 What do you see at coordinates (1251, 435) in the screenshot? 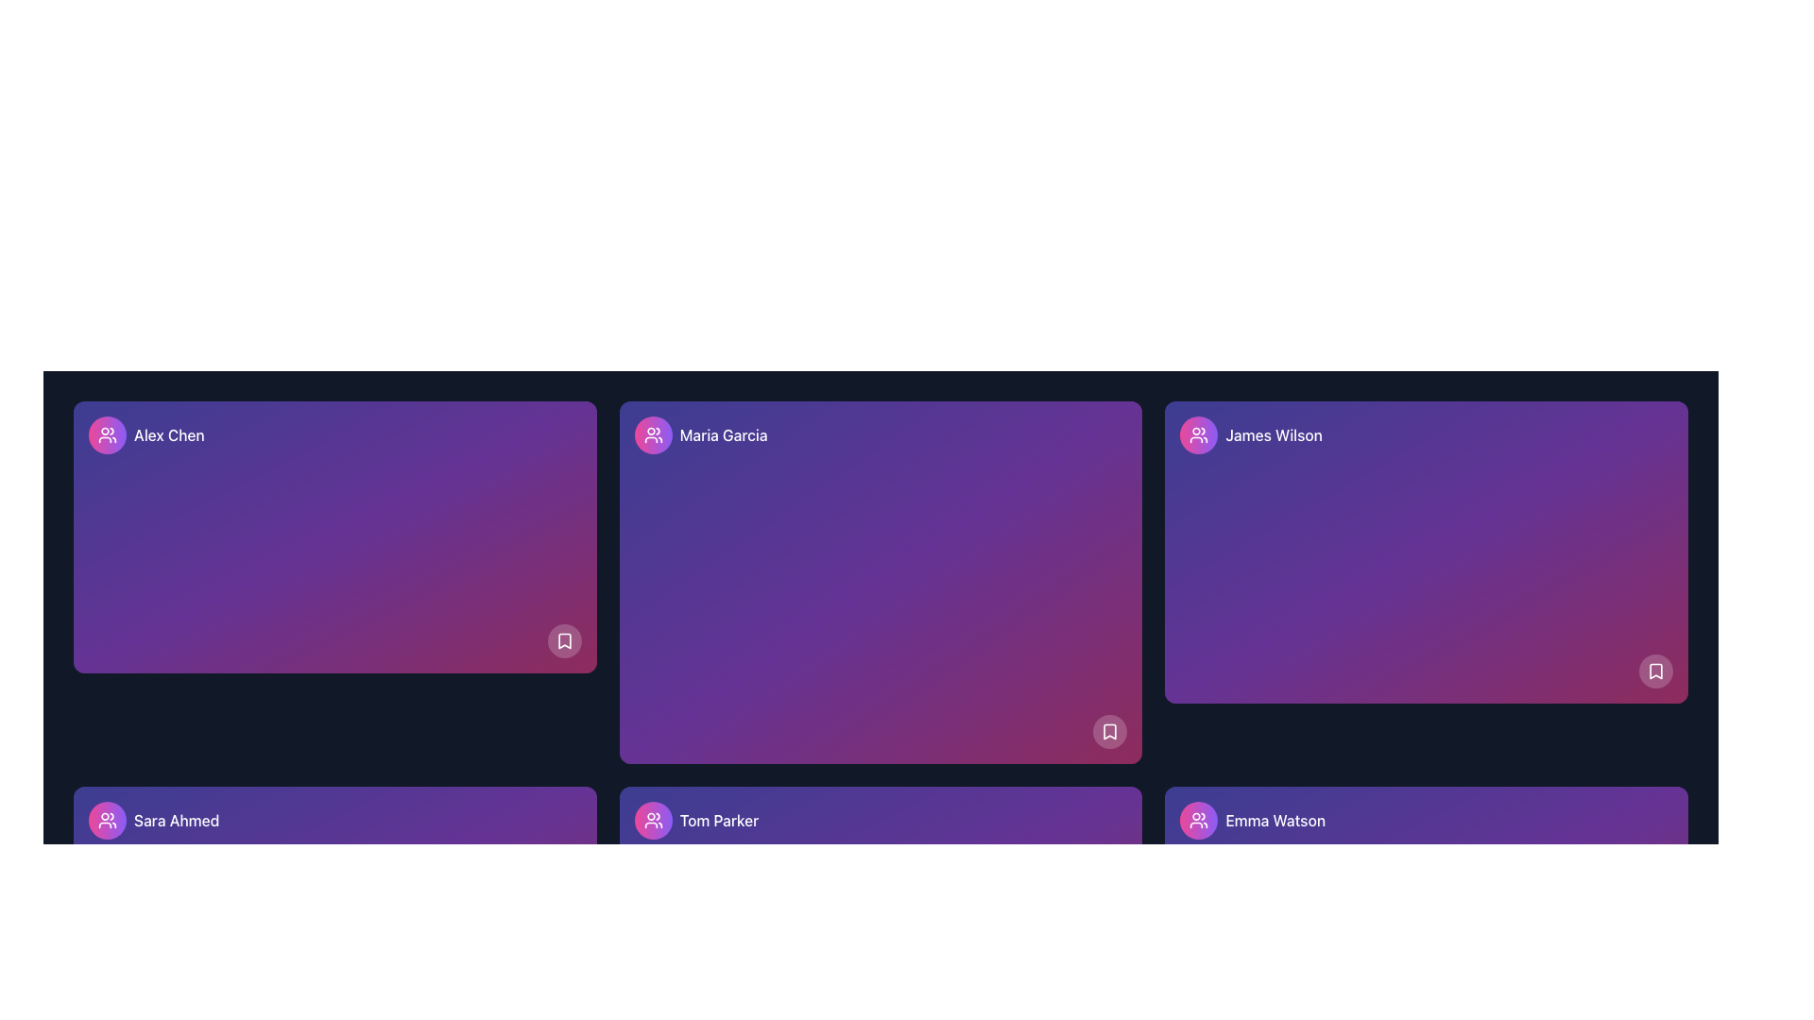
I see `the Label with icon representing 'James Wilson', located at the top-left corner of its tile` at bounding box center [1251, 435].